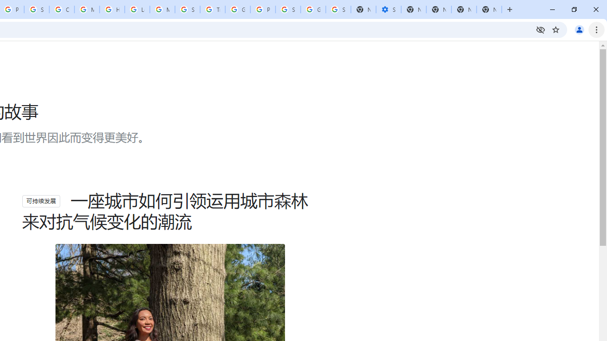 This screenshot has width=607, height=341. Describe the element at coordinates (388, 9) in the screenshot. I see `'Settings - Performance'` at that location.